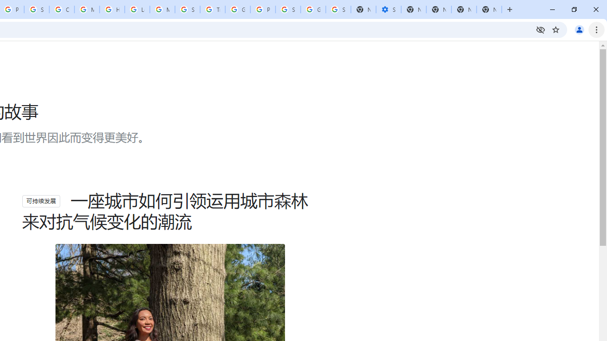 This screenshot has width=607, height=341. Describe the element at coordinates (388, 9) in the screenshot. I see `'Settings - Performance'` at that location.